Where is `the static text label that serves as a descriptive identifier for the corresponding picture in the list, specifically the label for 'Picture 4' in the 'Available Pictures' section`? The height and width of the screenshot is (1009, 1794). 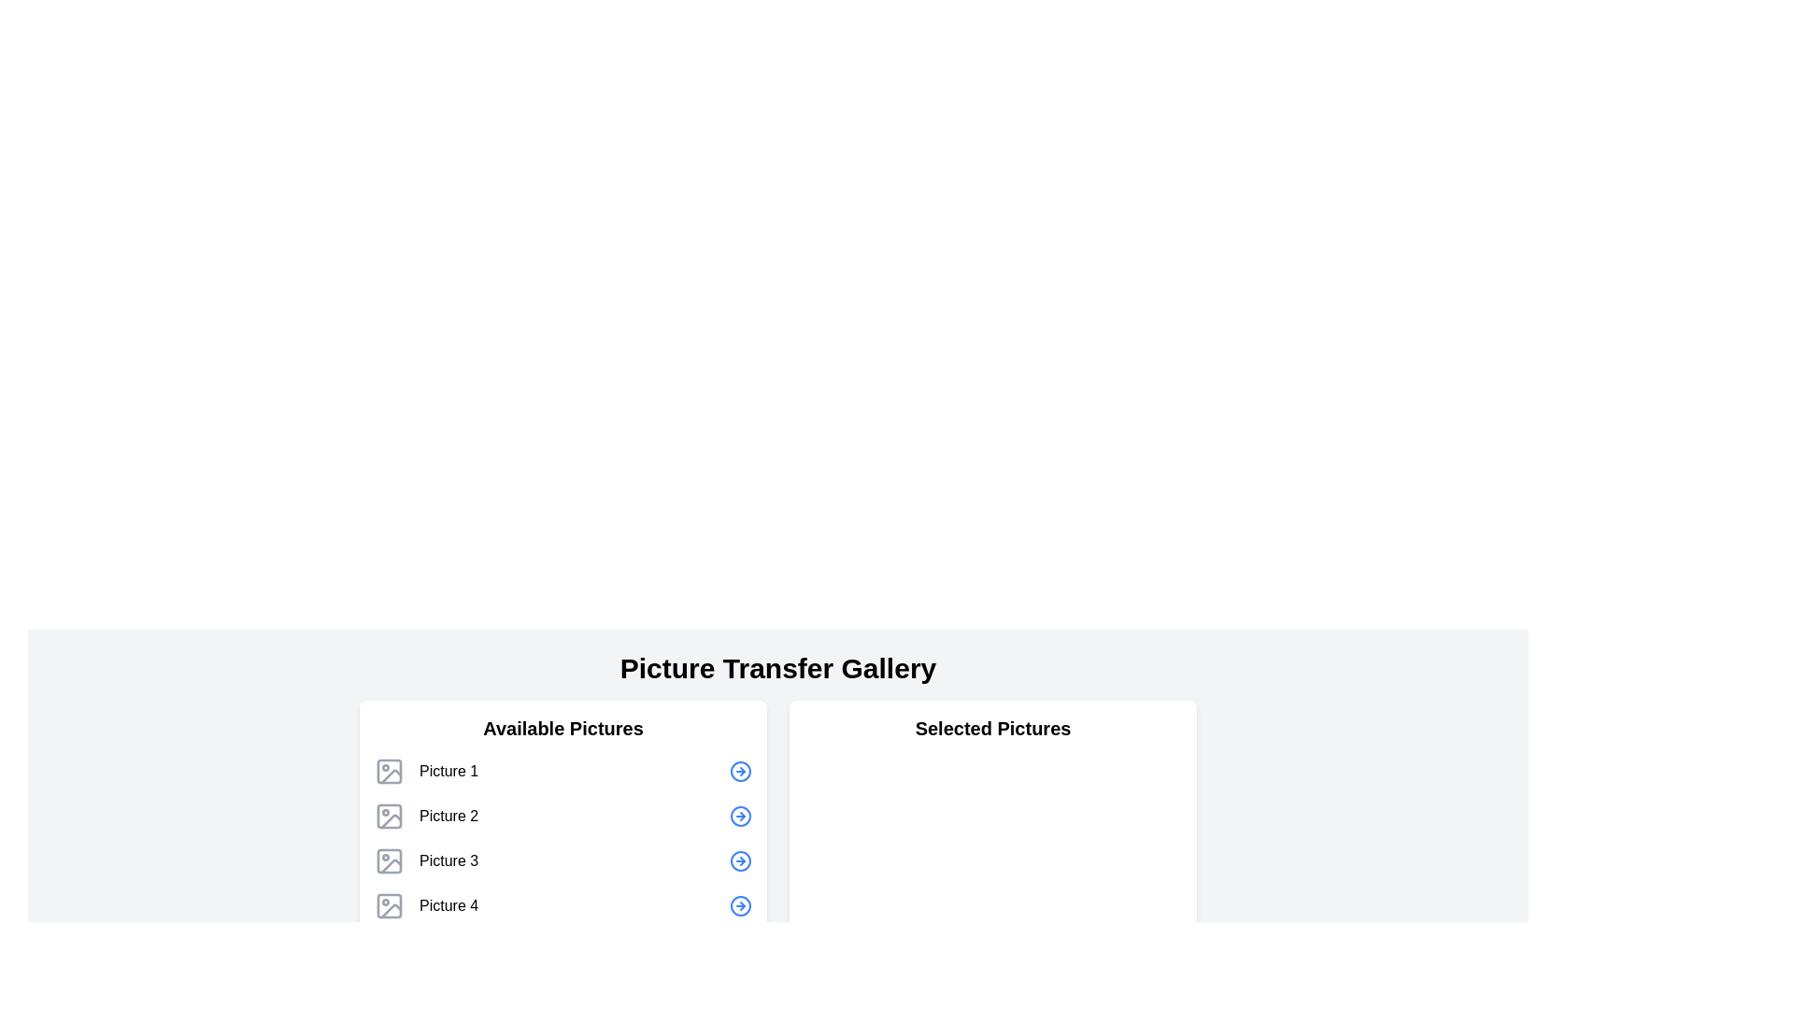
the static text label that serves as a descriptive identifier for the corresponding picture in the list, specifically the label for 'Picture 4' in the 'Available Pictures' section is located at coordinates (448, 904).